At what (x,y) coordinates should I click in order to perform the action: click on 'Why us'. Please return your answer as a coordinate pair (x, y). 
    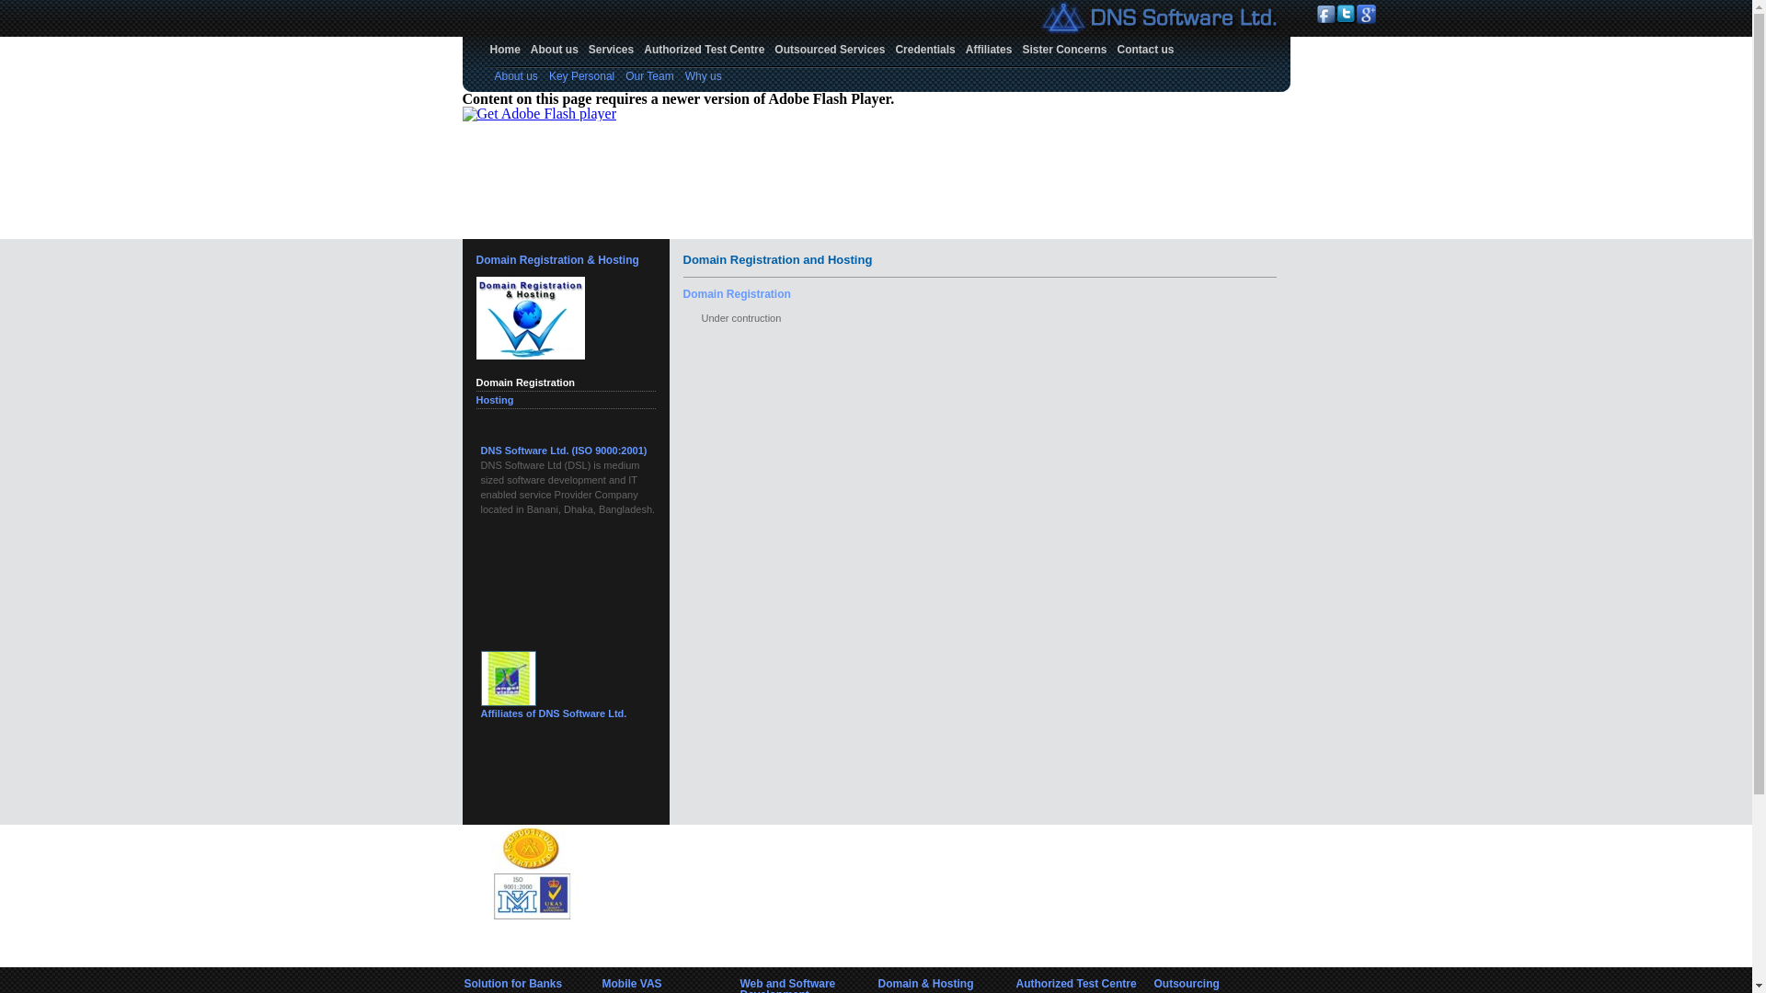
    Looking at the image, I should click on (702, 75).